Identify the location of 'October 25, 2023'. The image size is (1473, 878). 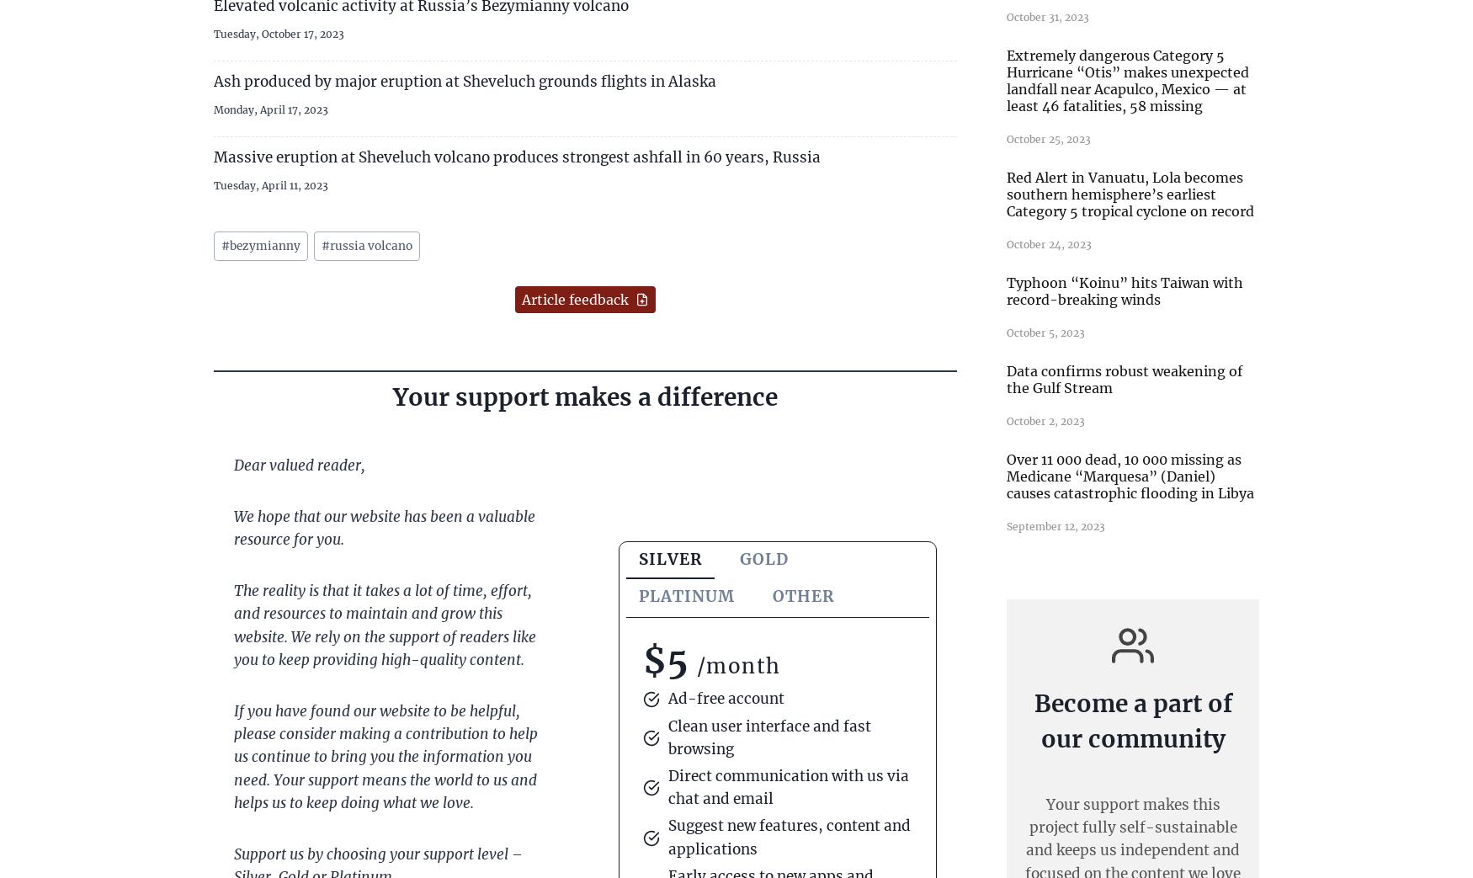
(1049, 137).